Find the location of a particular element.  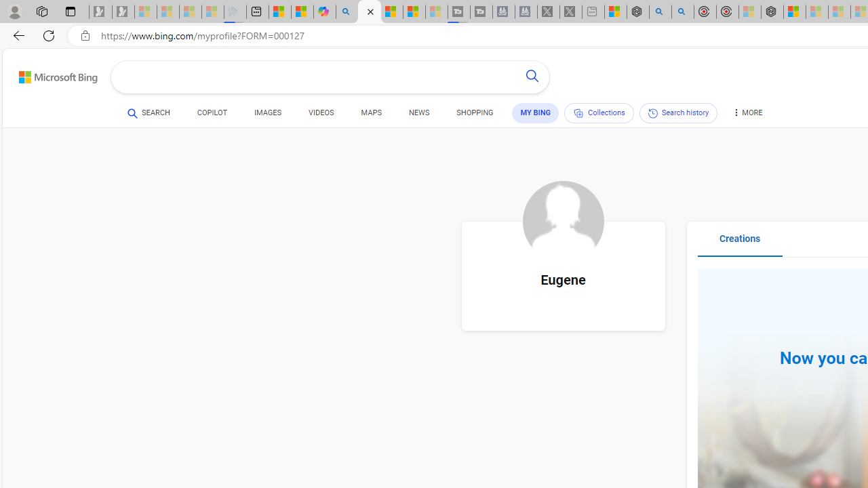

'NEWS' is located at coordinates (418, 113).